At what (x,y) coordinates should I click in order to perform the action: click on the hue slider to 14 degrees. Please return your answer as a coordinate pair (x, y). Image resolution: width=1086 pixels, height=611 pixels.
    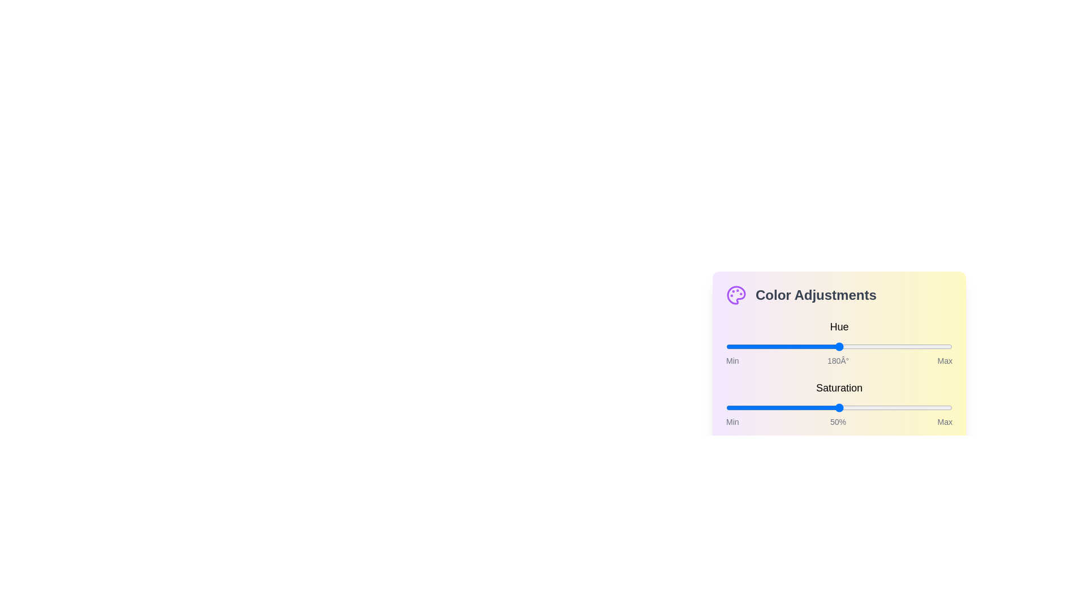
    Looking at the image, I should click on (735, 346).